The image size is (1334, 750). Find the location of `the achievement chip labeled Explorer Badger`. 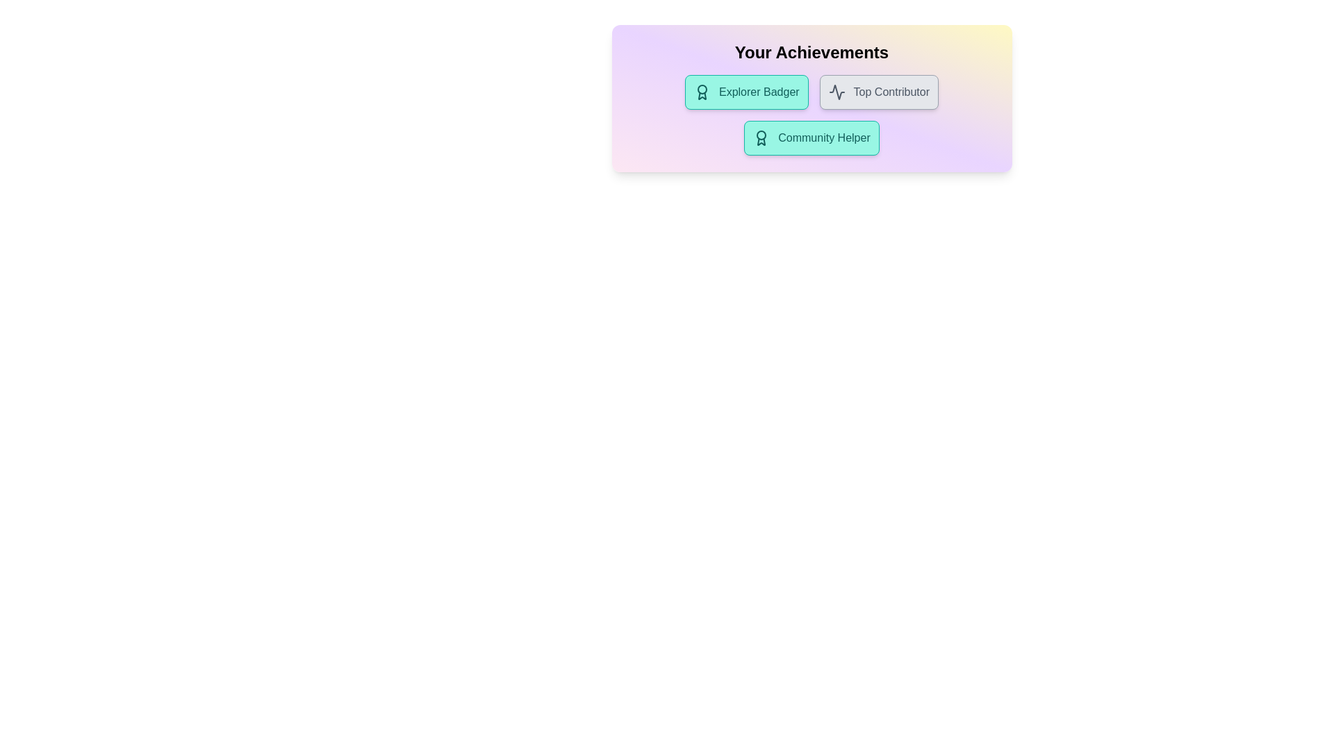

the achievement chip labeled Explorer Badger is located at coordinates (746, 92).